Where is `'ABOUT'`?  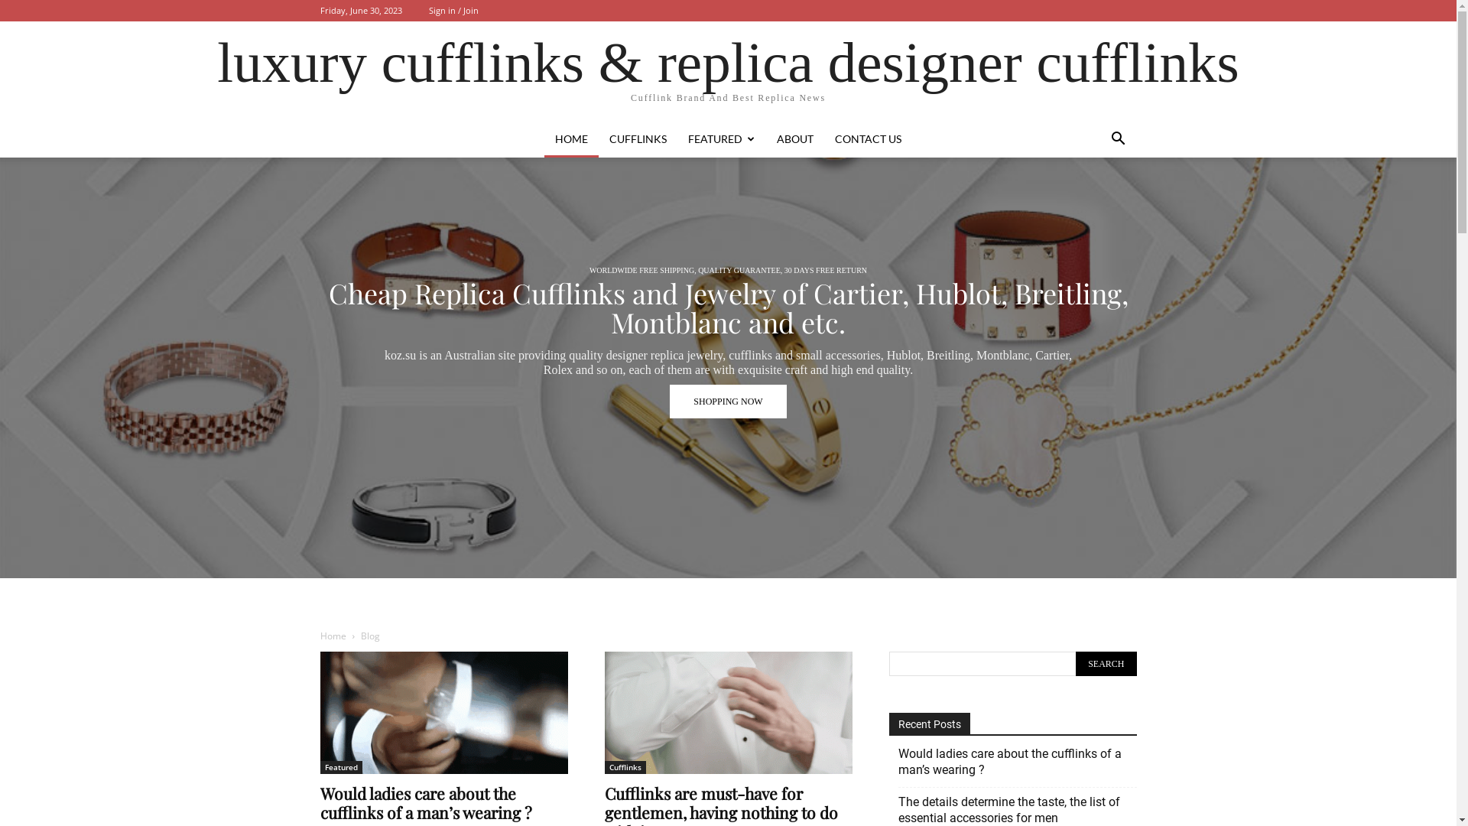
'ABOUT' is located at coordinates (795, 138).